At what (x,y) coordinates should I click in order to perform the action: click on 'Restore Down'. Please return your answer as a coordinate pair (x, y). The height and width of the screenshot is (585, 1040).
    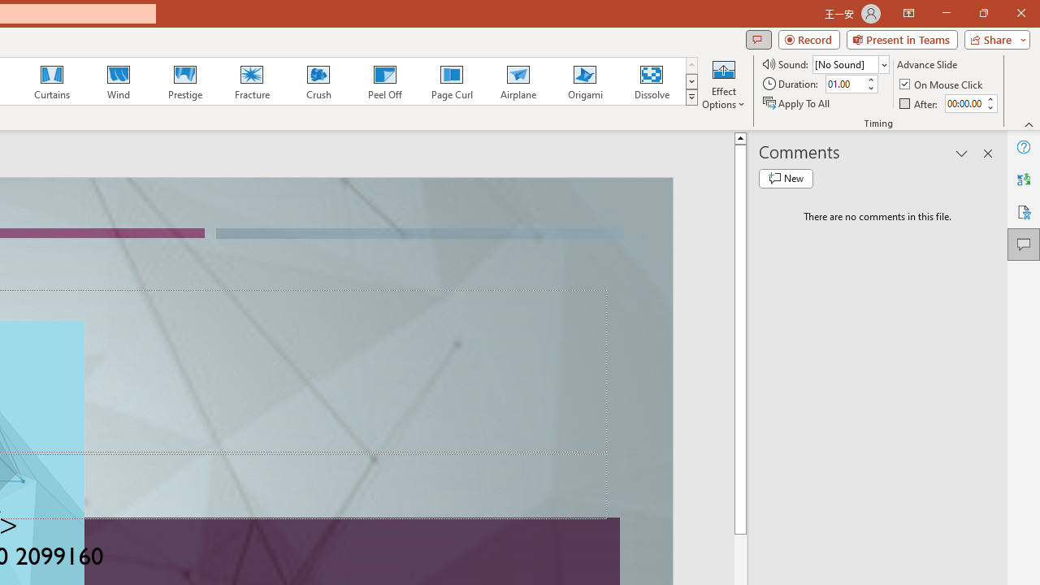
    Looking at the image, I should click on (982, 13).